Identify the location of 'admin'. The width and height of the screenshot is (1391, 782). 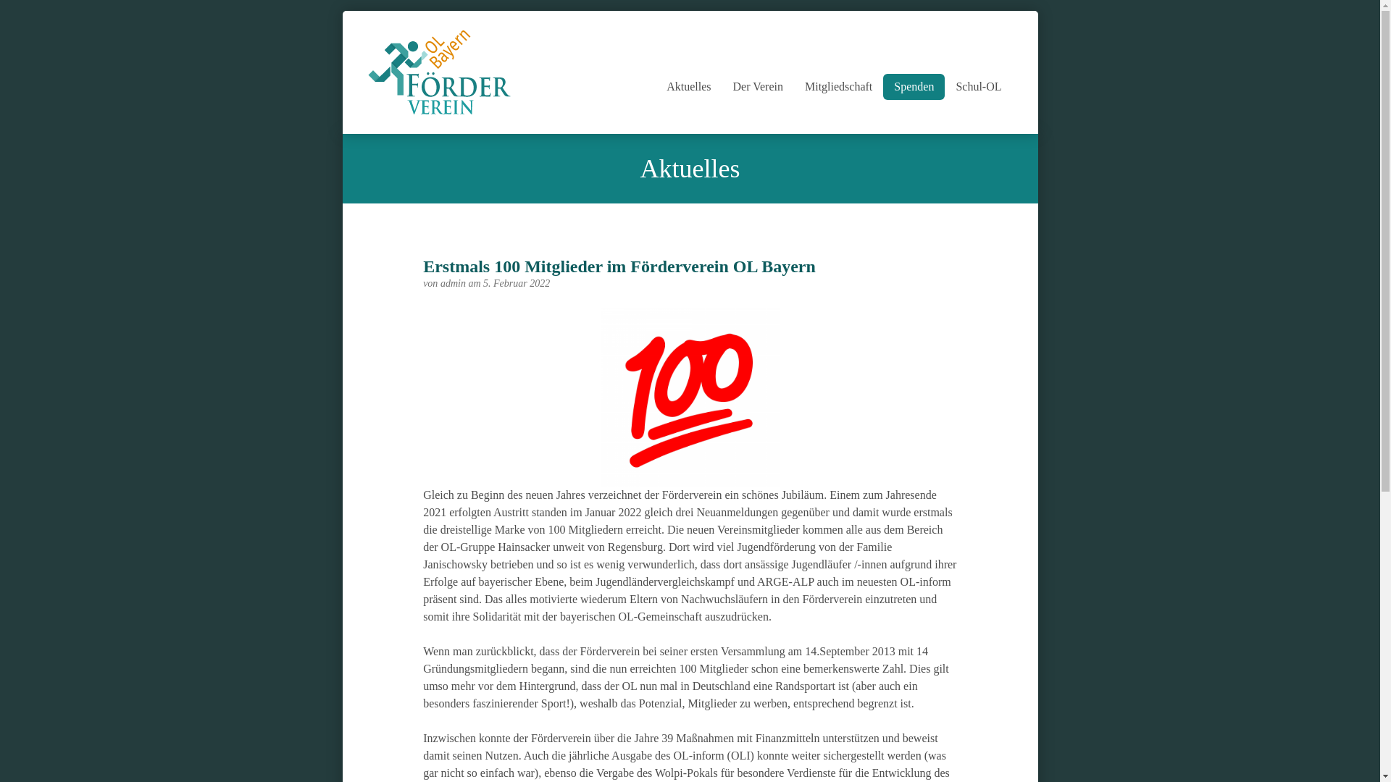
(454, 283).